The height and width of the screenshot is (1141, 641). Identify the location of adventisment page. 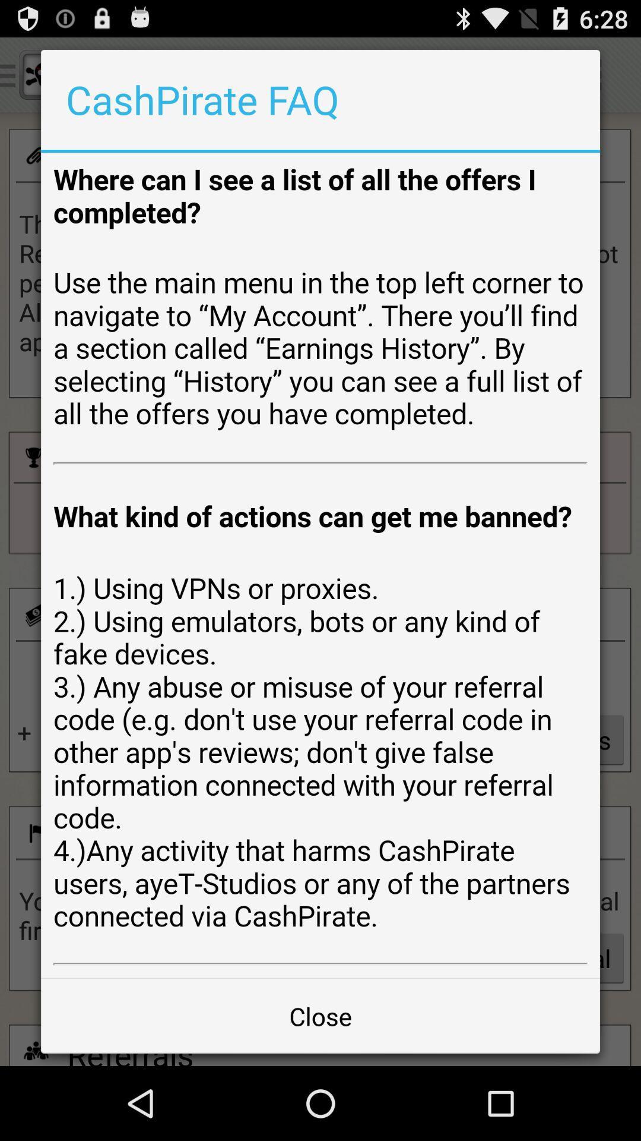
(320, 565).